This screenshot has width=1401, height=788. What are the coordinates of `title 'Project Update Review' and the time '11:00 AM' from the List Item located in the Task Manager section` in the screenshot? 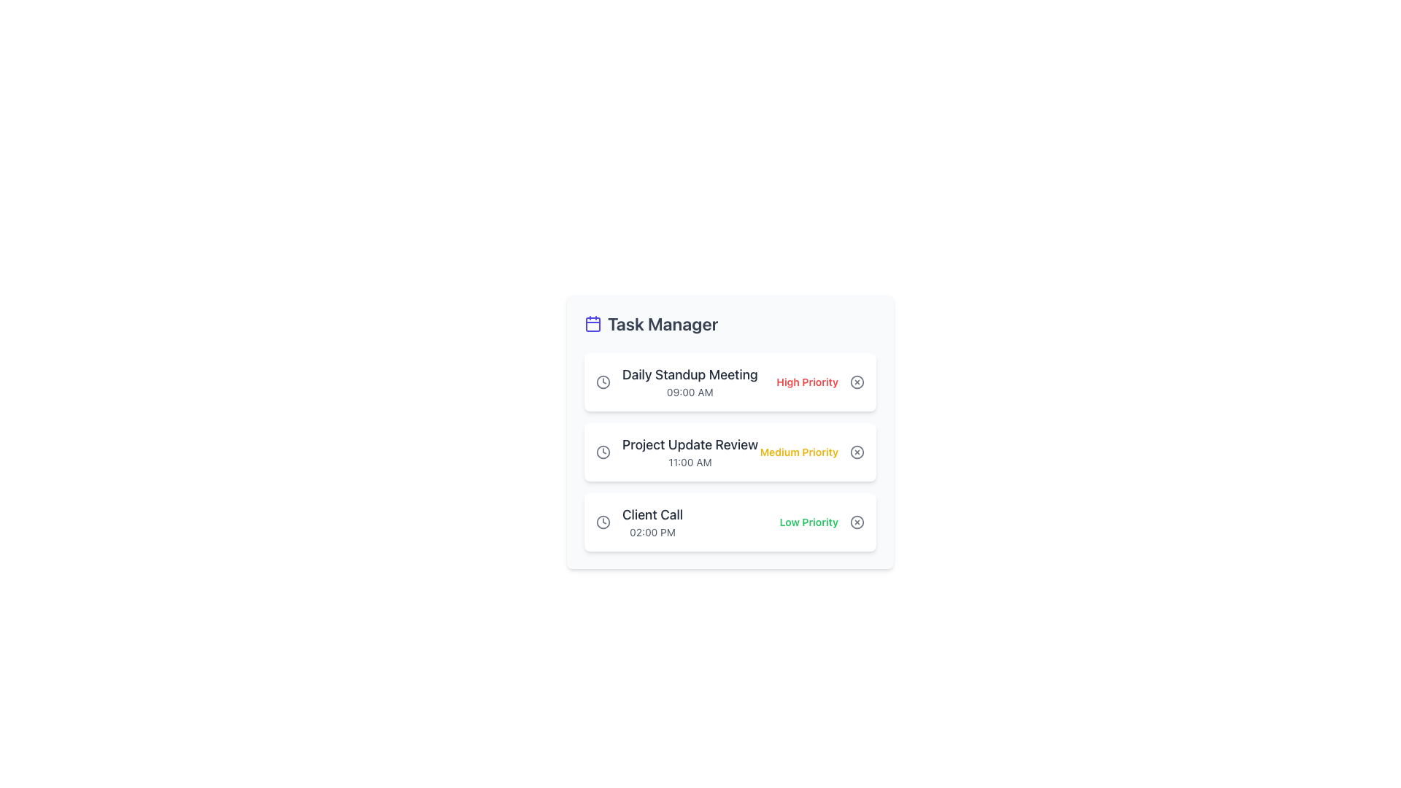 It's located at (676, 452).